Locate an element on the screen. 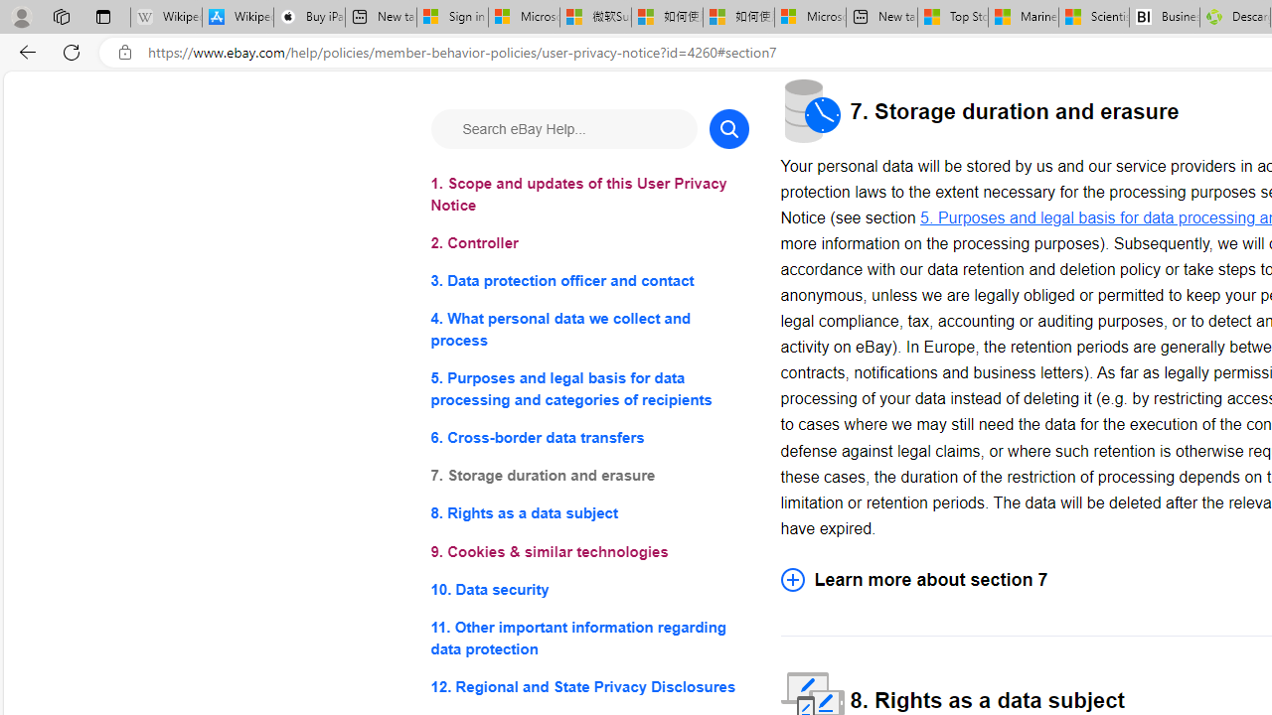 This screenshot has height=715, width=1272. 'Microsoft Services Agreement' is located at coordinates (524, 17).